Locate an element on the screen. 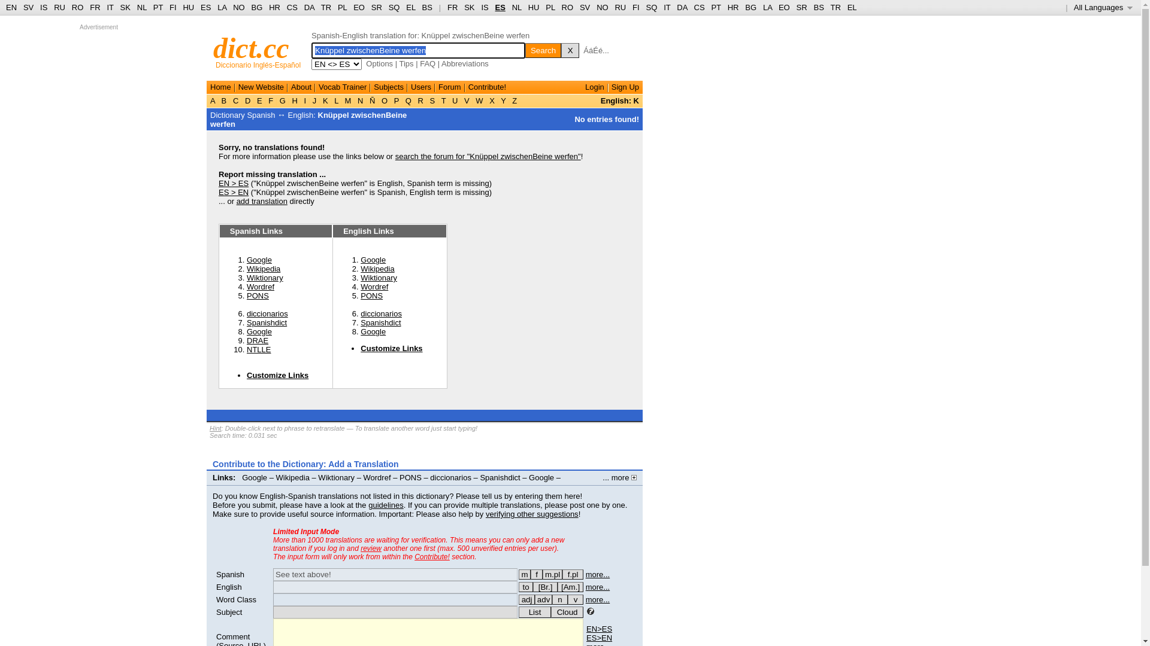  'DRAE' is located at coordinates (257, 340).